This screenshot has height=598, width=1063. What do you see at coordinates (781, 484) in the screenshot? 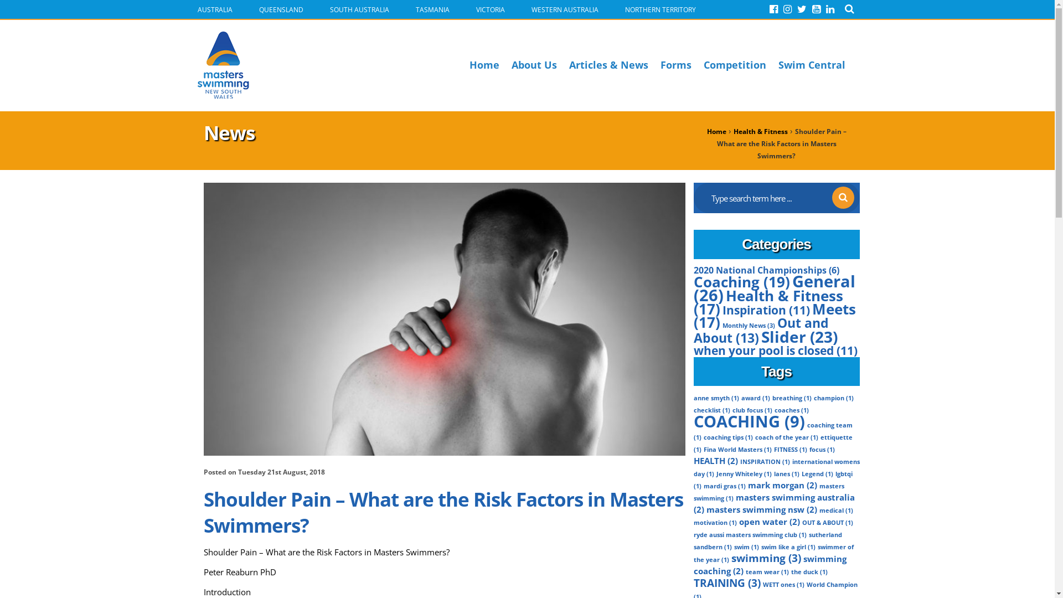
I see `'mark morgan (2)'` at bounding box center [781, 484].